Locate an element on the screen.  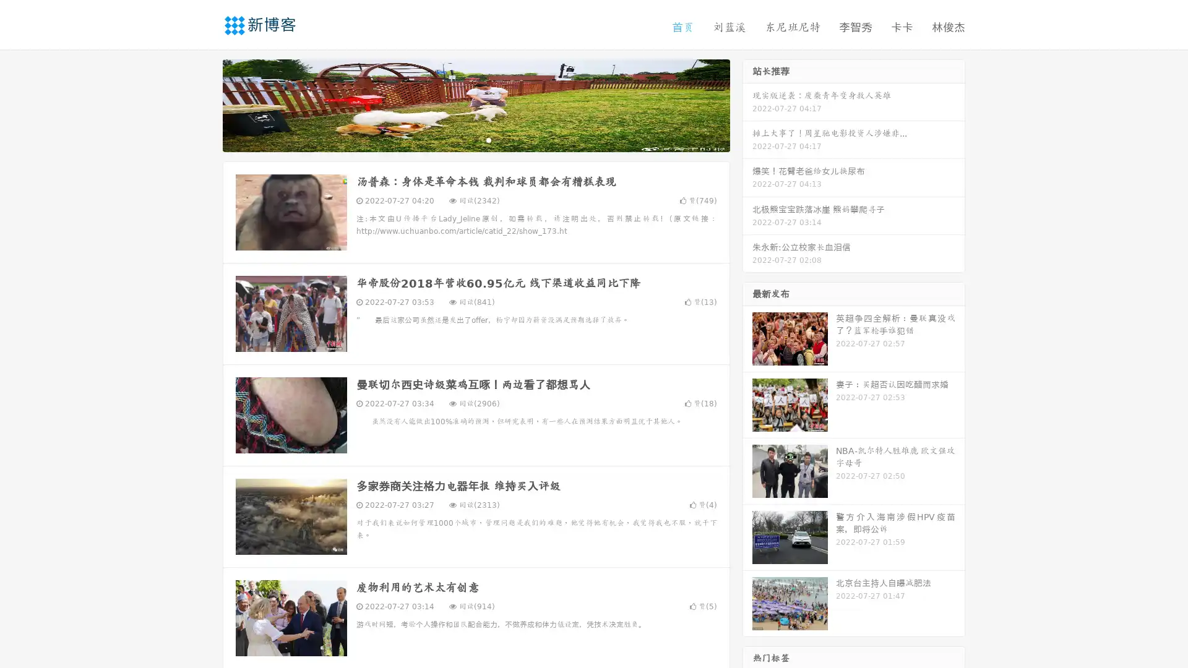
Go to slide 2 is located at coordinates (475, 139).